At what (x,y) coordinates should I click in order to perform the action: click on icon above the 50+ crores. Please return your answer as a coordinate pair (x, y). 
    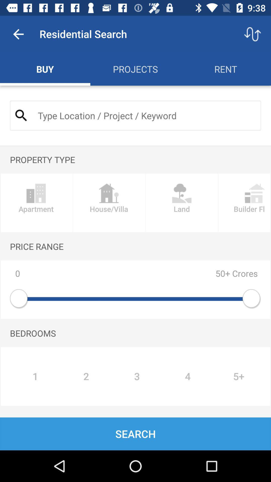
    Looking at the image, I should click on (182, 203).